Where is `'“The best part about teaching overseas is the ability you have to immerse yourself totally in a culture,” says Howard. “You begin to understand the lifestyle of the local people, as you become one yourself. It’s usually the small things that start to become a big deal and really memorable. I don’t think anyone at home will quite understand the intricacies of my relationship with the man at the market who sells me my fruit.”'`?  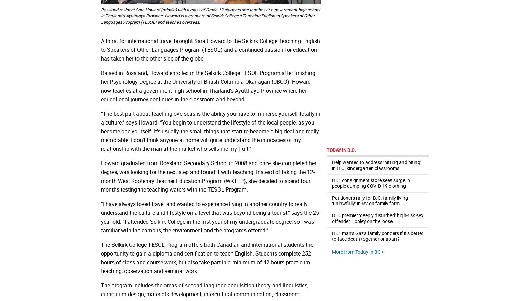 '“The best part about teaching overseas is the ability you have to immerse yourself totally in a culture,” says Howard. “You begin to understand the lifestyle of the local people, as you become one yourself. It’s usually the small things that start to become a big deal and really memorable. I don’t think anyone at home will quite understand the intricacies of my relationship with the man at the market who sells me my fruit.”' is located at coordinates (101, 131).